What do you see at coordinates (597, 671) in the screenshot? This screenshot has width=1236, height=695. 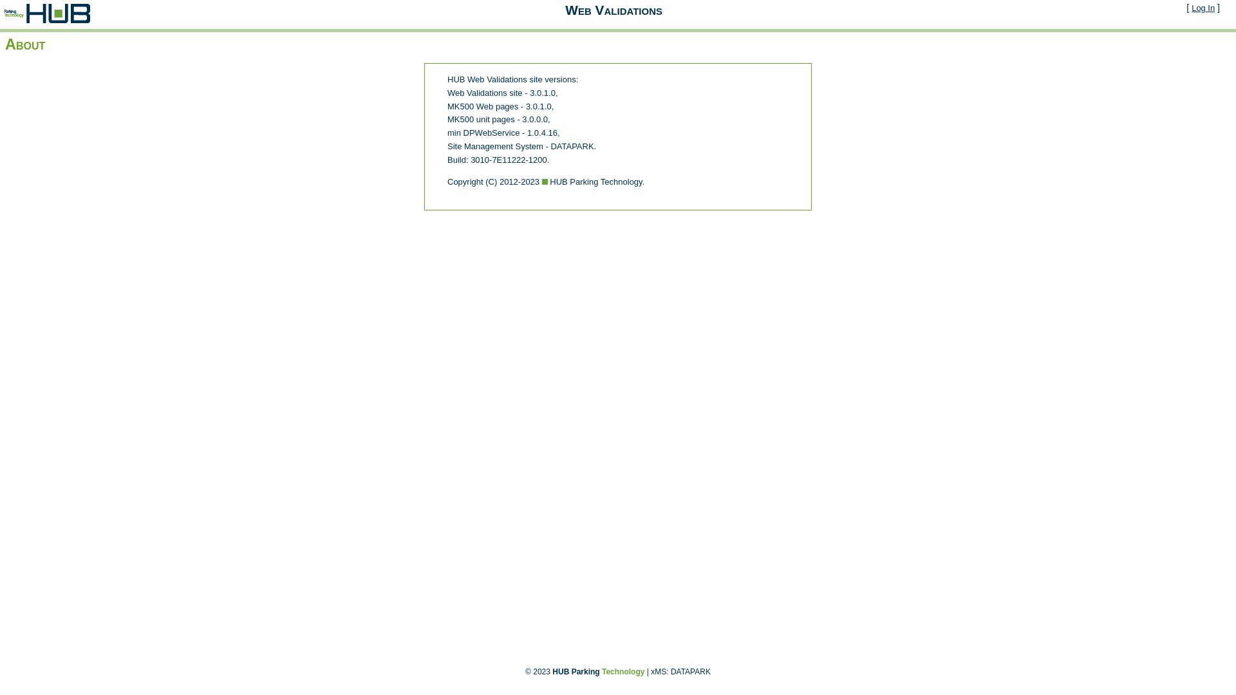 I see `'HUB Parking Technology'` at bounding box center [597, 671].